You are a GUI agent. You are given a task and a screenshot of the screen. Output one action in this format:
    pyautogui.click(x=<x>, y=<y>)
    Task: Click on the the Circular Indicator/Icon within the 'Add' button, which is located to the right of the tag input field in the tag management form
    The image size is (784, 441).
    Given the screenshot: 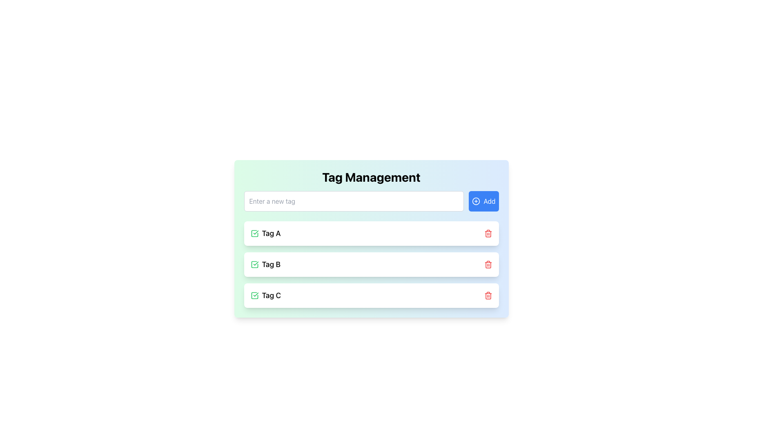 What is the action you would take?
    pyautogui.click(x=476, y=201)
    